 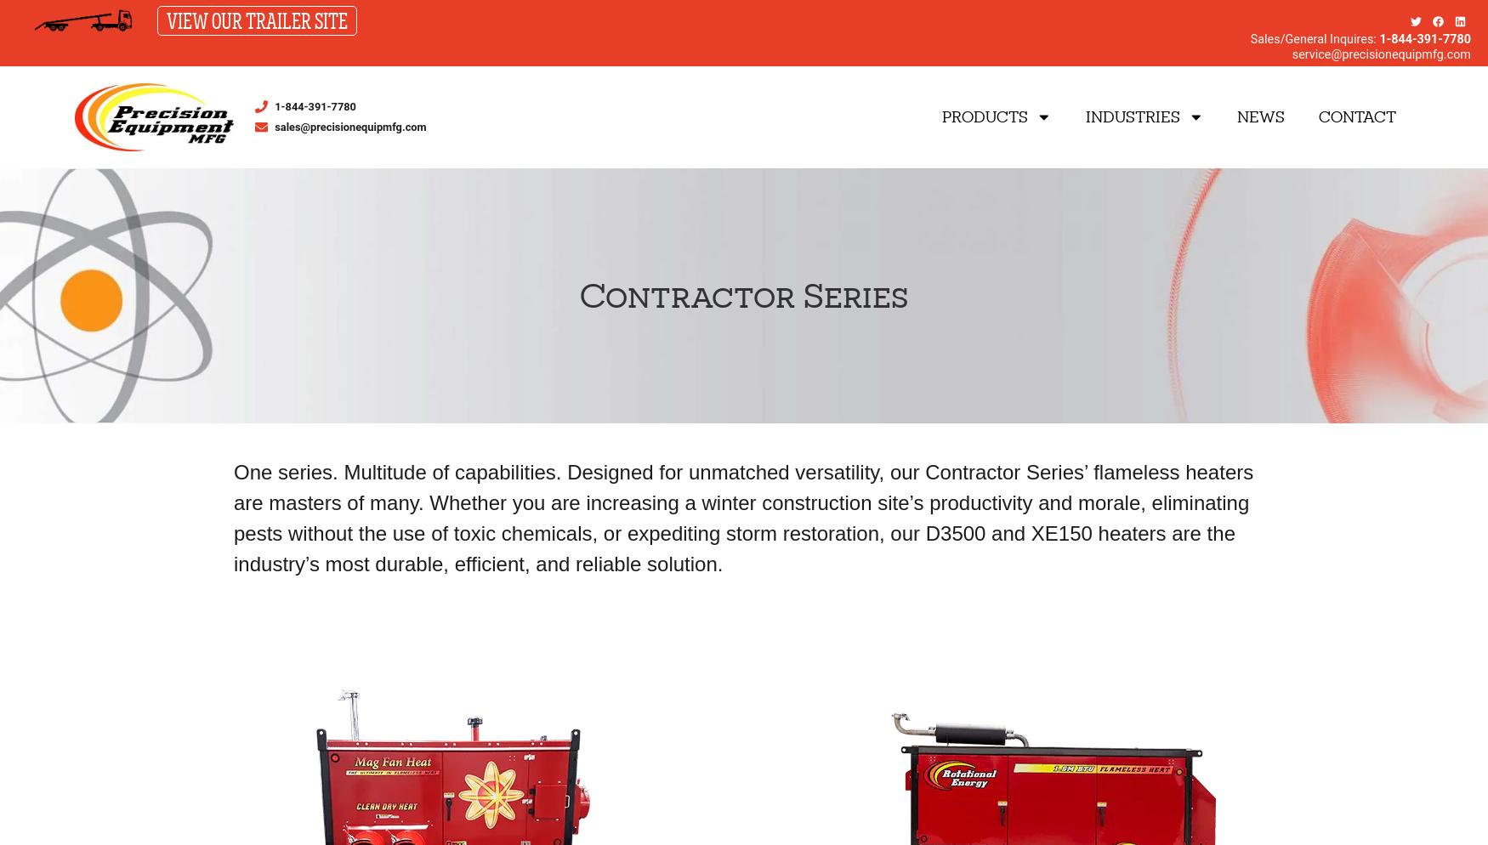 I want to click on 'Contractor Series', so click(x=577, y=294).